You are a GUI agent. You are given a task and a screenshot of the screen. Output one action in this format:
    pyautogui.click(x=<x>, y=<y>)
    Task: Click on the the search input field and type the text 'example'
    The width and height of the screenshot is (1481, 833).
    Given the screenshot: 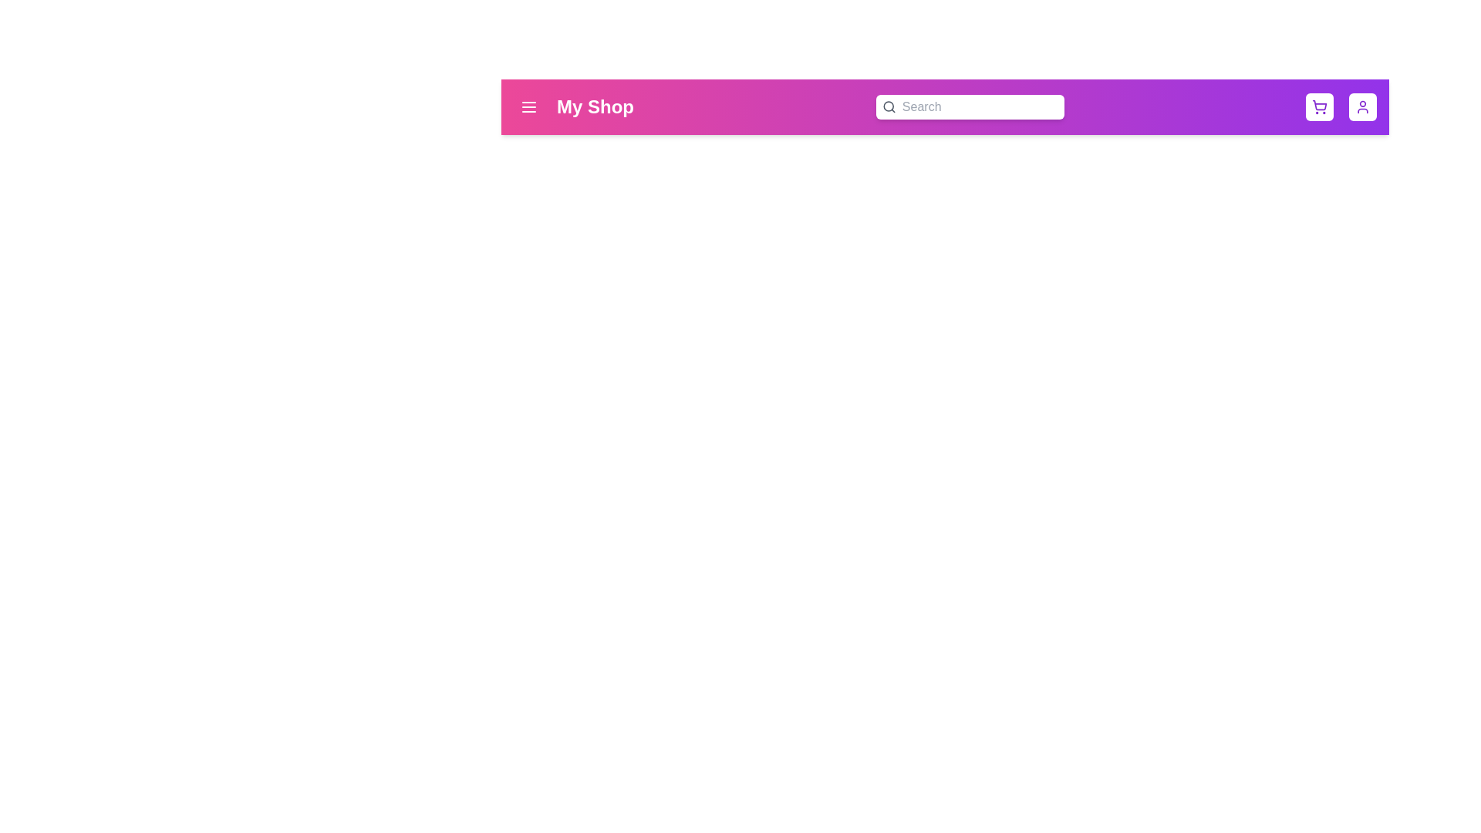 What is the action you would take?
    pyautogui.click(x=976, y=106)
    